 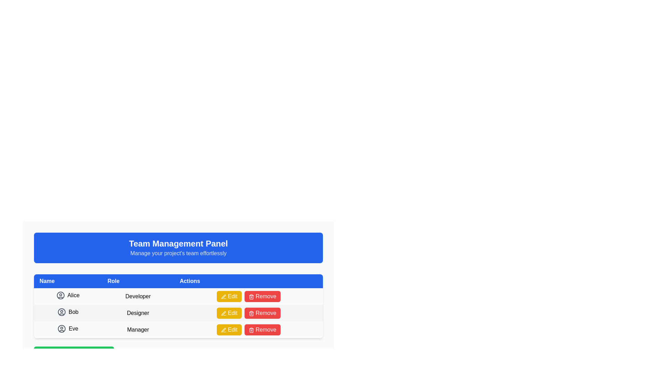 What do you see at coordinates (262, 313) in the screenshot?
I see `the 'Remove' button located in the 'Actions' column of the second row in the table` at bounding box center [262, 313].